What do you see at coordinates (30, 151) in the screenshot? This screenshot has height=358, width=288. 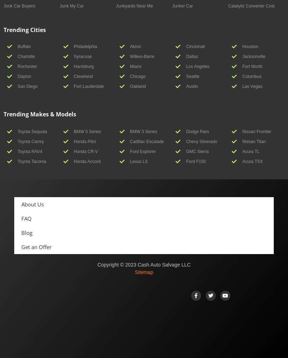 I see `'Toyota RAV4'` at bounding box center [30, 151].